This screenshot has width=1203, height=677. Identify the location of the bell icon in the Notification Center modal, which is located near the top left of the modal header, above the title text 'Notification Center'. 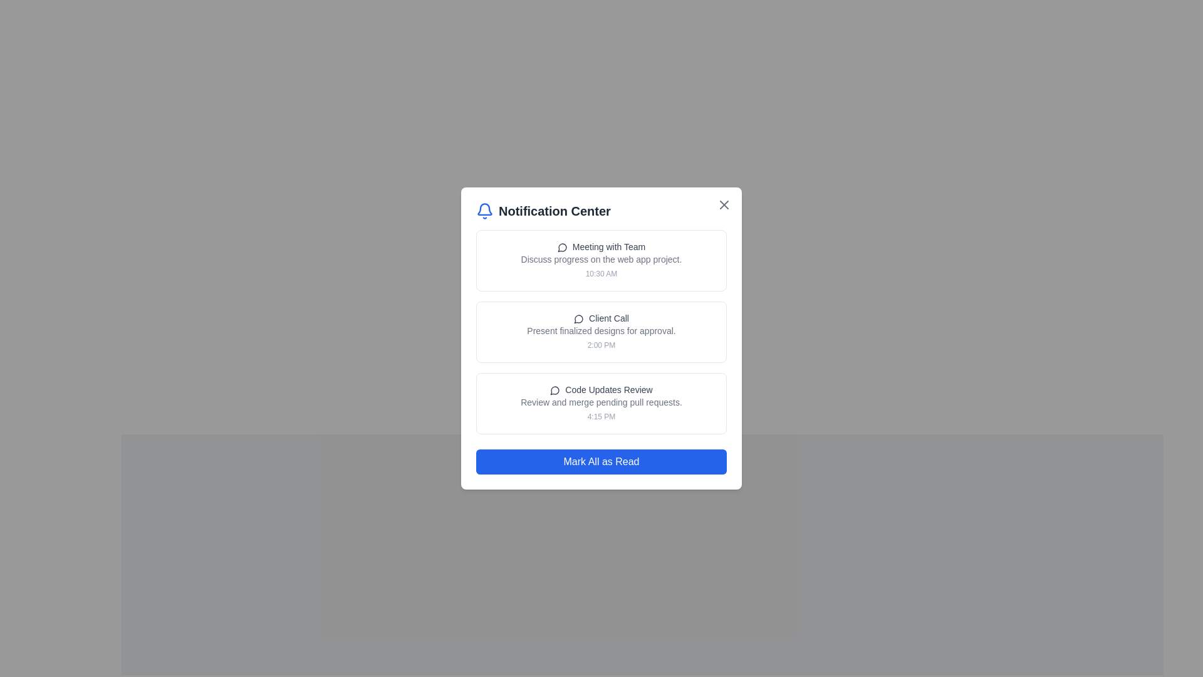
(484, 209).